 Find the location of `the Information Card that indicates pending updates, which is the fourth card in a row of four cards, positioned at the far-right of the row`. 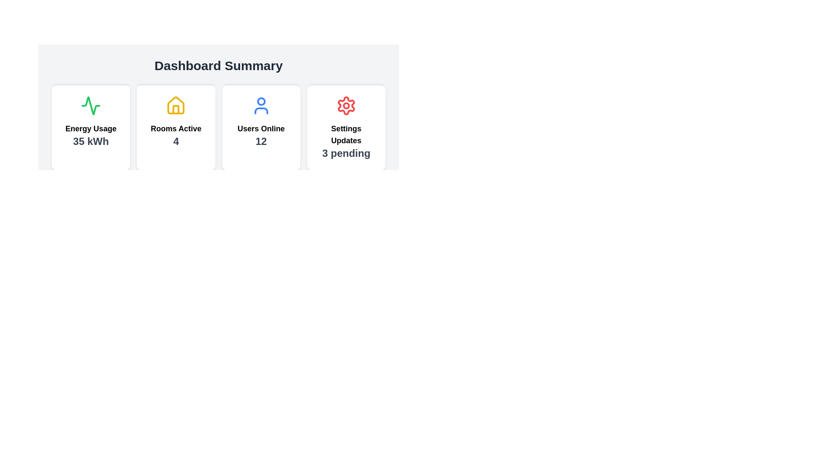

the Information Card that indicates pending updates, which is the fourth card in a row of four cards, positioned at the far-right of the row is located at coordinates (346, 127).